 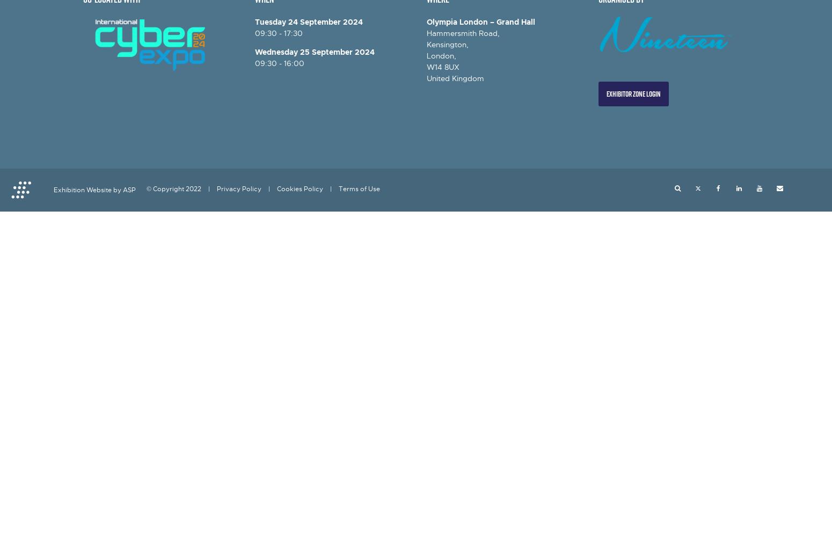 What do you see at coordinates (455, 78) in the screenshot?
I see `'United Kingdom'` at bounding box center [455, 78].